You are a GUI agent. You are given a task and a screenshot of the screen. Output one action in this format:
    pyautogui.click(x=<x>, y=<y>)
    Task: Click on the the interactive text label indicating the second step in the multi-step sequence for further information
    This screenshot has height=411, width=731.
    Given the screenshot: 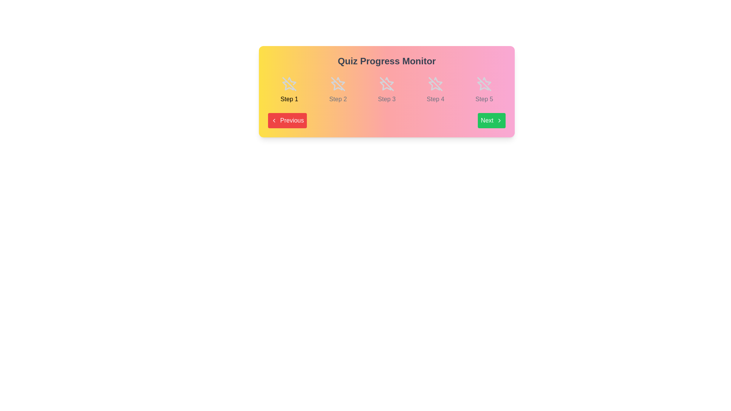 What is the action you would take?
    pyautogui.click(x=338, y=99)
    